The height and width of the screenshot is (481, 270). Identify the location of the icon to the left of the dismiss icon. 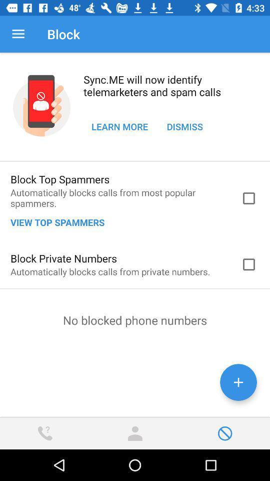
(119, 126).